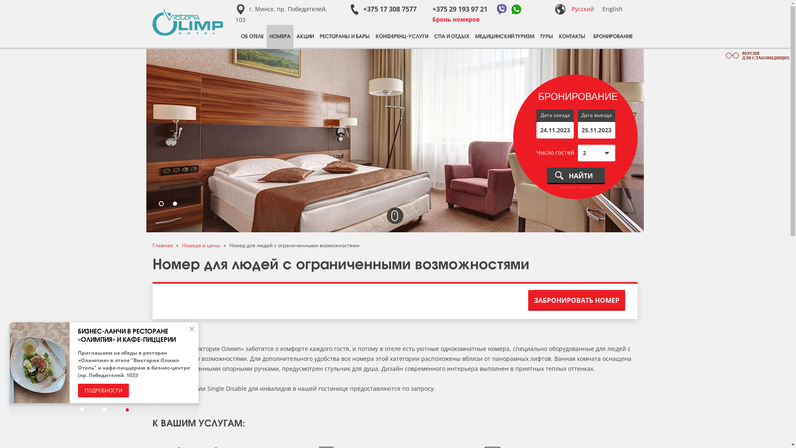  Describe the element at coordinates (612, 9) in the screenshot. I see `'English'` at that location.